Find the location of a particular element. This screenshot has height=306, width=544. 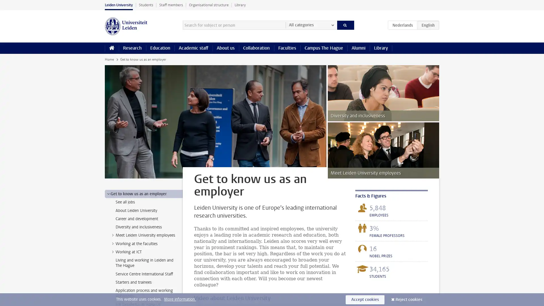

> is located at coordinates (113, 243).